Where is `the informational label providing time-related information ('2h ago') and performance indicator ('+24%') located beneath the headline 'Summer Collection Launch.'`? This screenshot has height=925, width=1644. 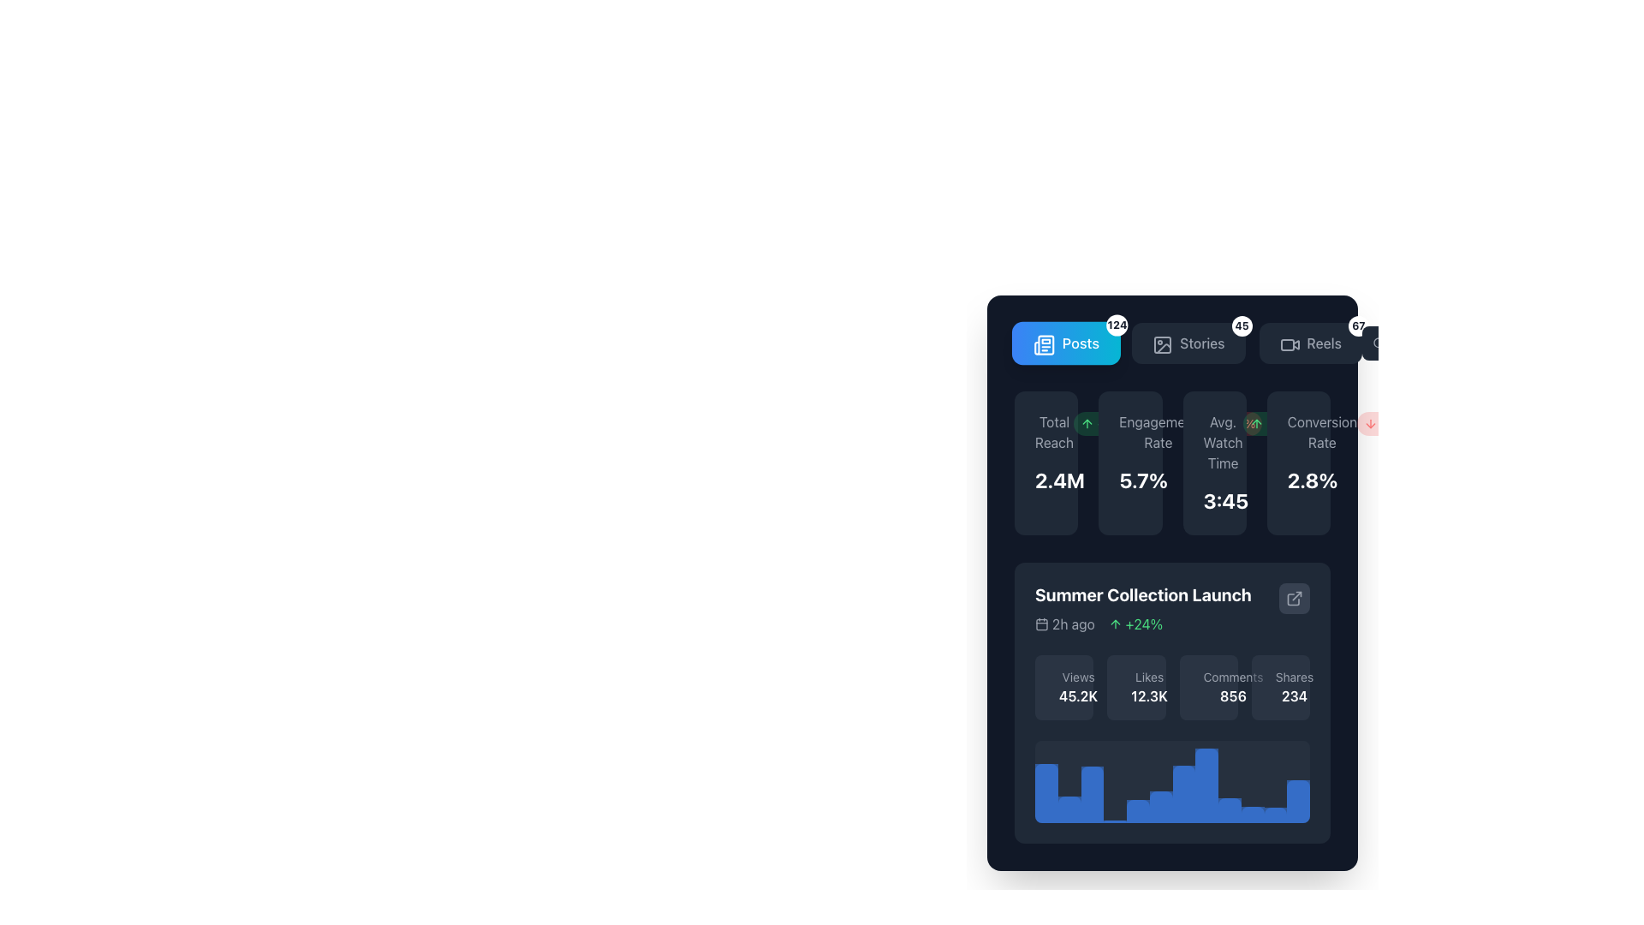
the informational label providing time-related information ('2h ago') and performance indicator ('+24%') located beneath the headline 'Summer Collection Launch.' is located at coordinates (1143, 624).